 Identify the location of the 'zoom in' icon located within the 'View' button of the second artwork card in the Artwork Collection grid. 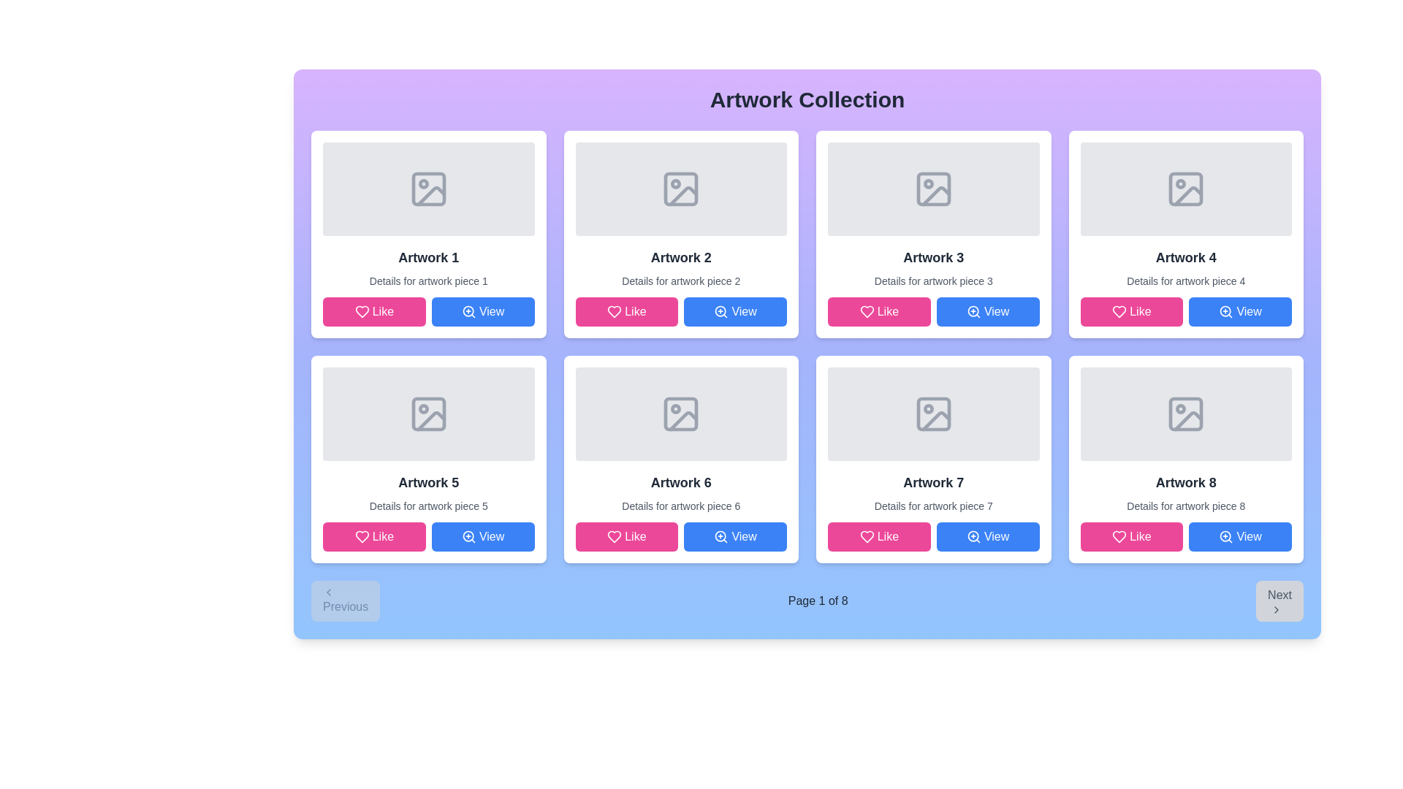
(721, 311).